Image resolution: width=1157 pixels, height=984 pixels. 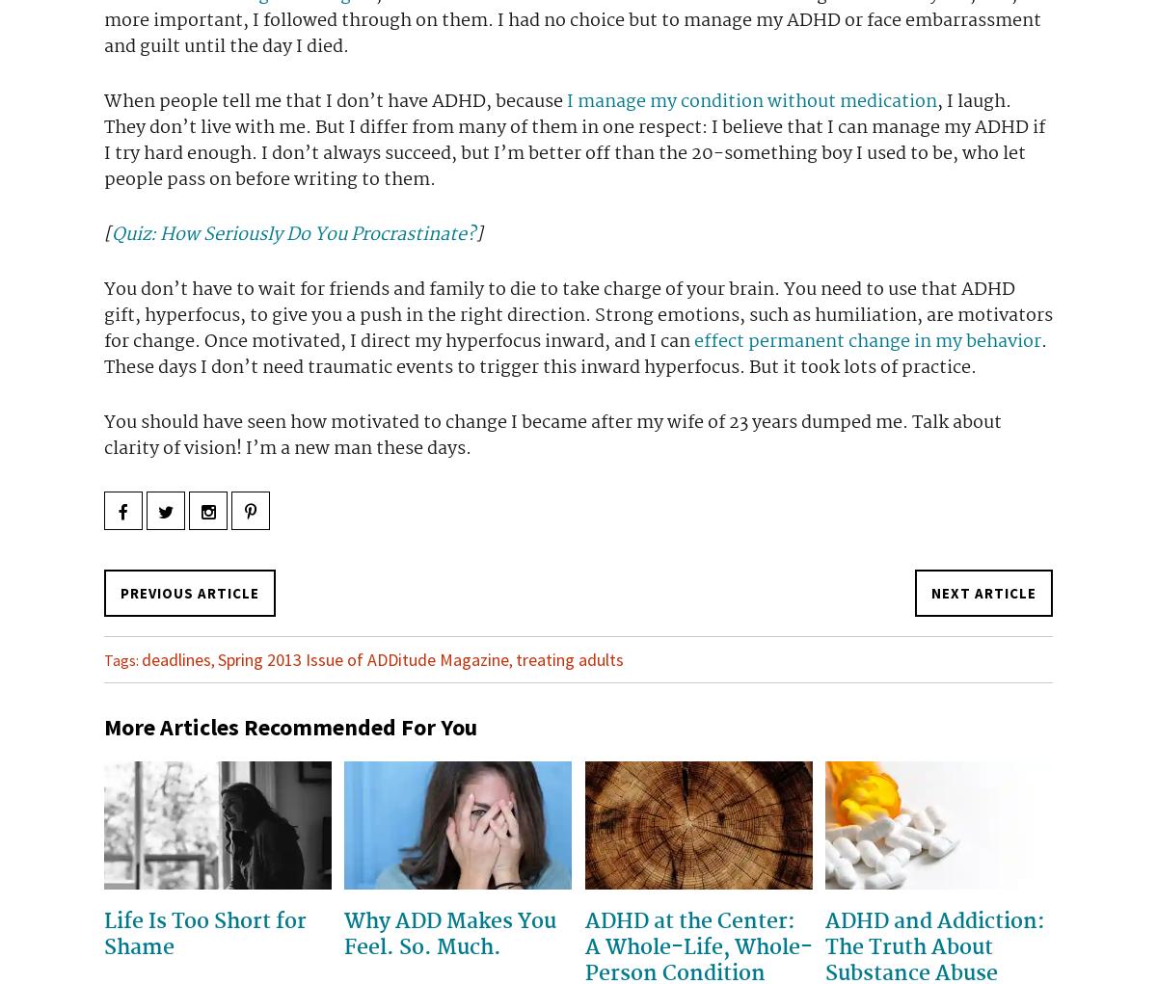 What do you see at coordinates (336, 99) in the screenshot?
I see `'When people tell me that I don’t have ADHD, because'` at bounding box center [336, 99].